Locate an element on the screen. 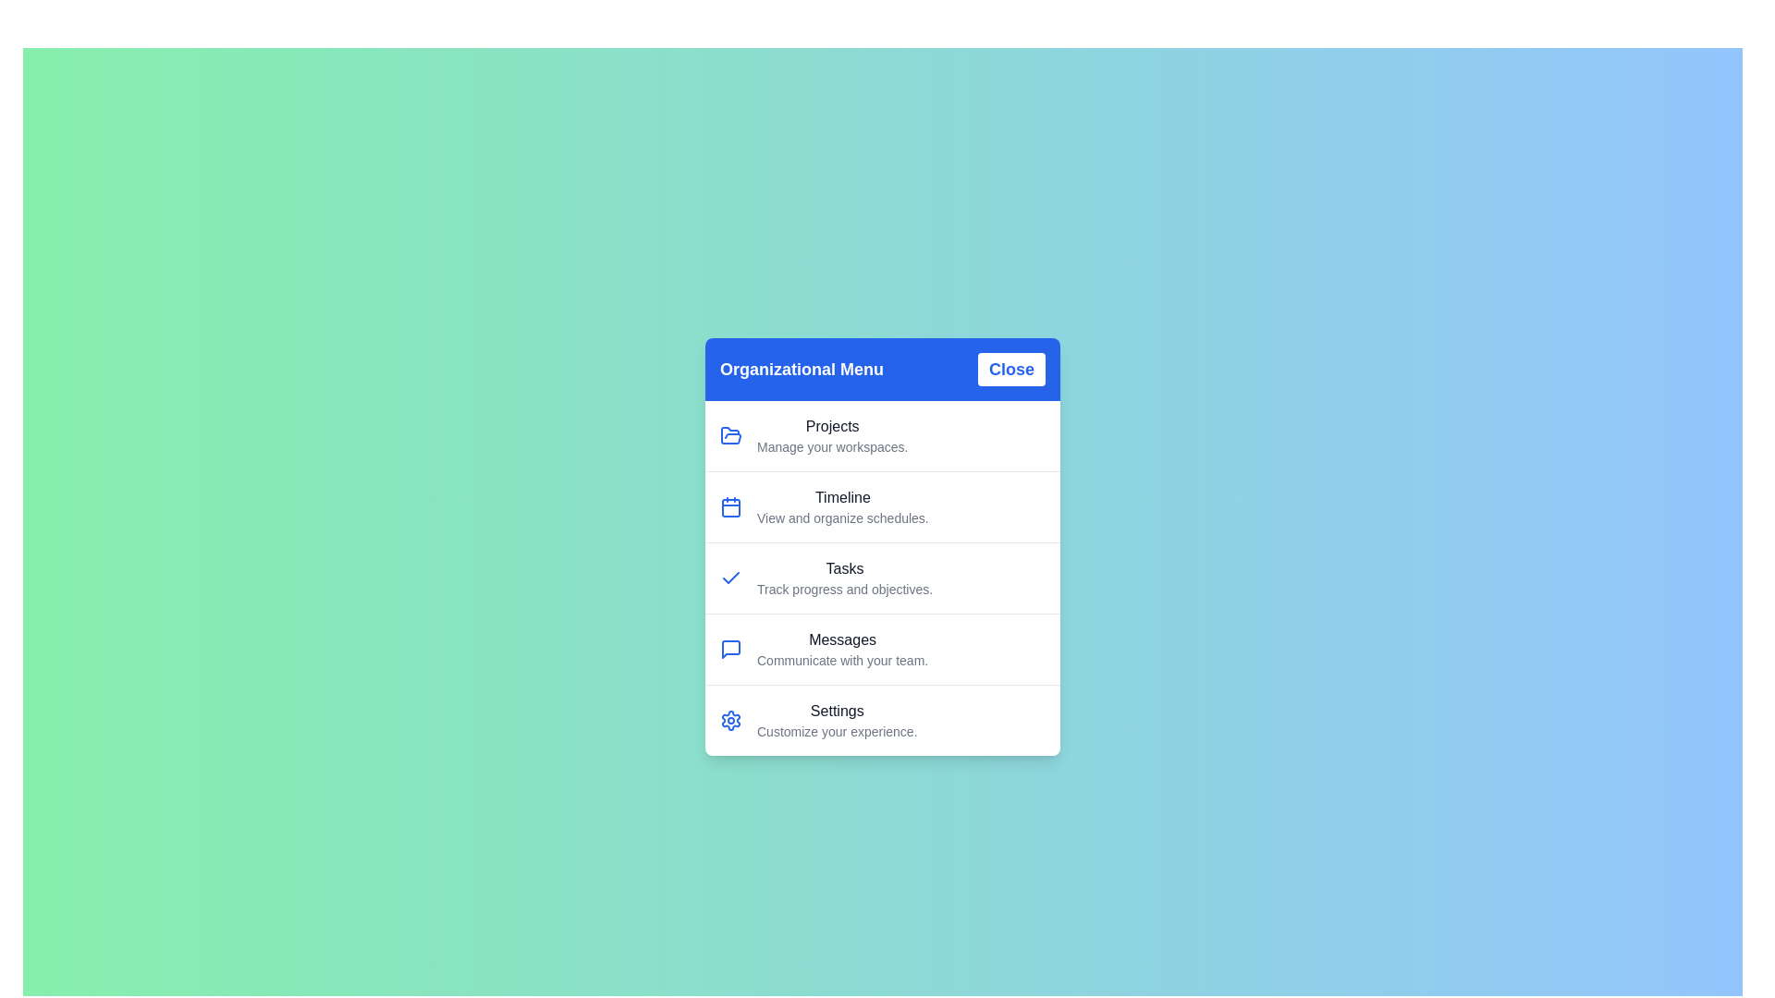 The image size is (1775, 998). the menu item labeled 'Tasks' to view its details is located at coordinates (843, 577).